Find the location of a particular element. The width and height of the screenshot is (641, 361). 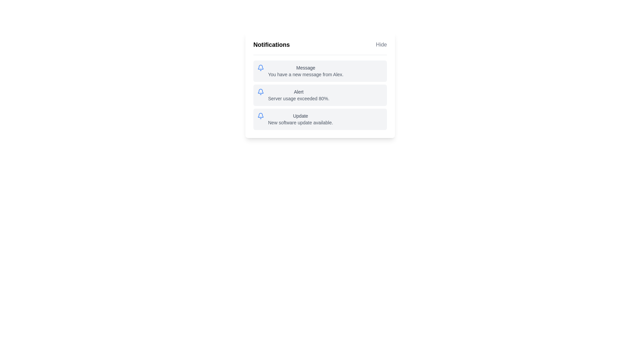

the small blue bell-shaped notification icon located to the left of the 'Update' text is located at coordinates (260, 116).